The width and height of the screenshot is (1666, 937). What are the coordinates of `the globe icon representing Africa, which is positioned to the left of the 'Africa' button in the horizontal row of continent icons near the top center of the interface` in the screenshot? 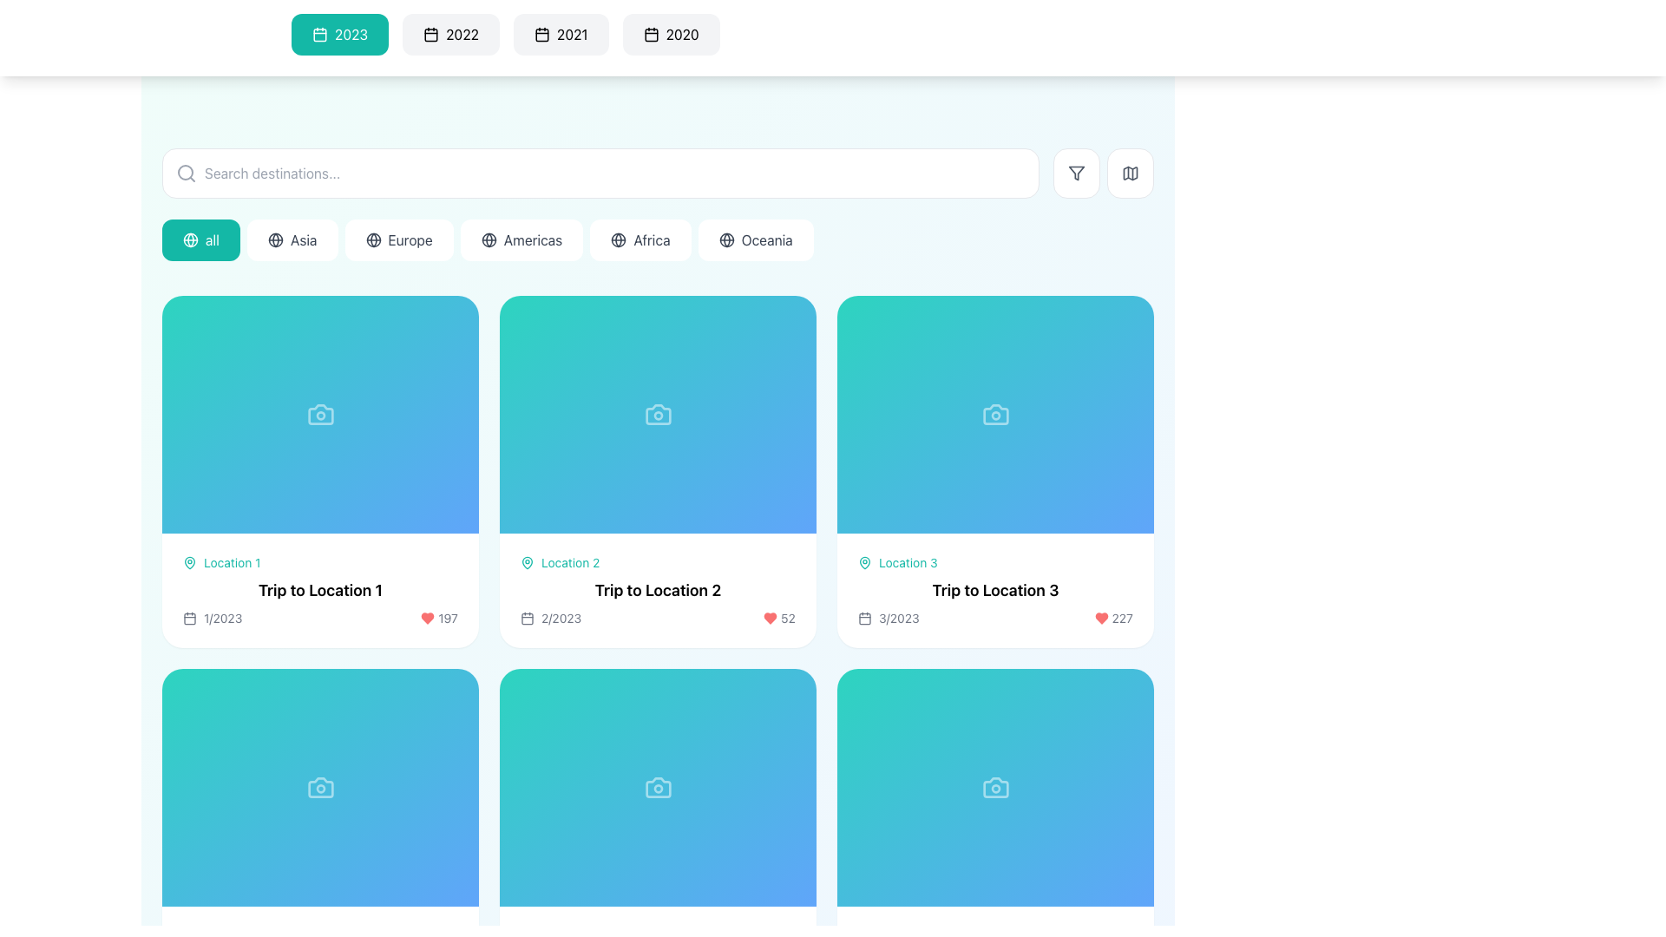 It's located at (619, 240).